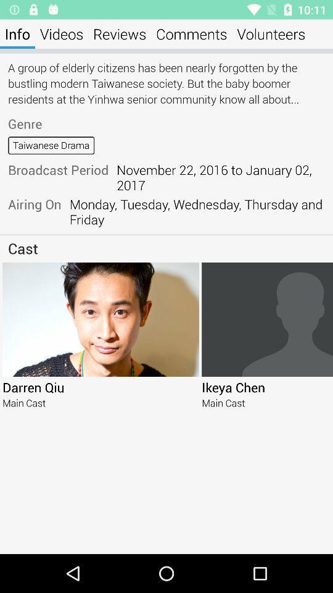 This screenshot has height=593, width=333. What do you see at coordinates (61, 33) in the screenshot?
I see `icon to the left of the reviews` at bounding box center [61, 33].